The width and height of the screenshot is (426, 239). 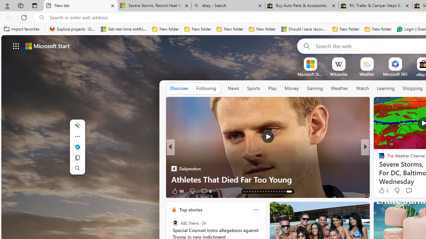 I want to click on 'Verywell Mind', so click(x=379, y=168).